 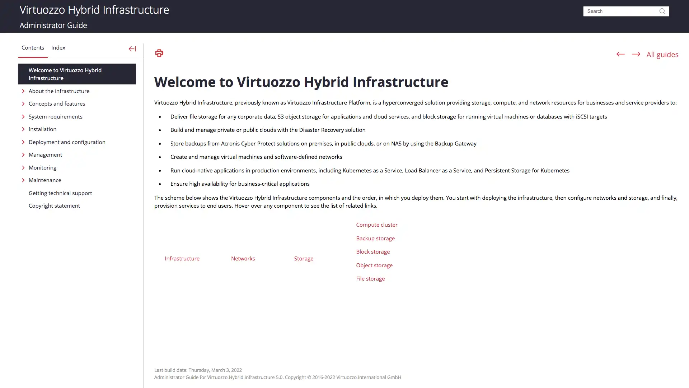 I want to click on Print, so click(x=159, y=53).